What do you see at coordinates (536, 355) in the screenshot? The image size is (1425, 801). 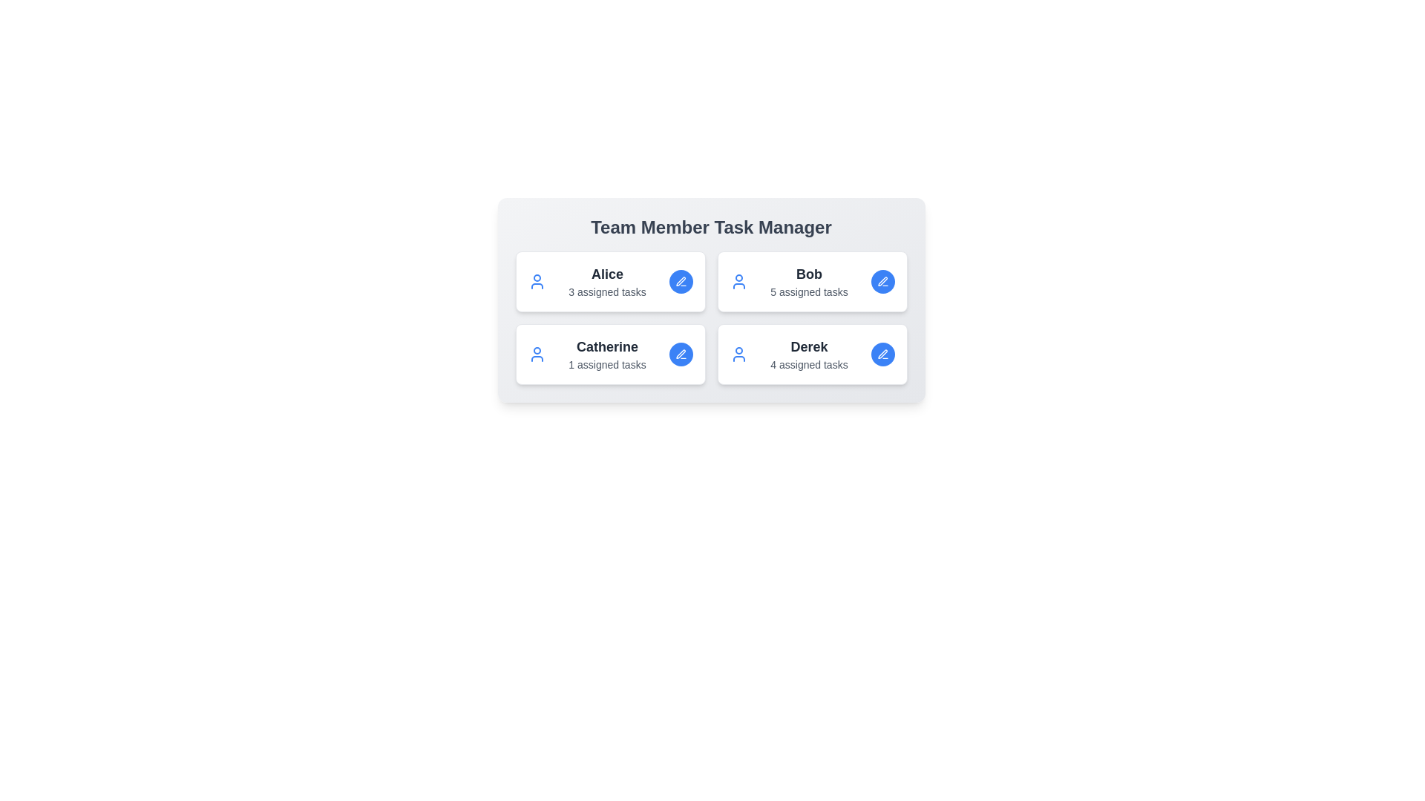 I see `the icon representing Catherine to interact with their tasks` at bounding box center [536, 355].